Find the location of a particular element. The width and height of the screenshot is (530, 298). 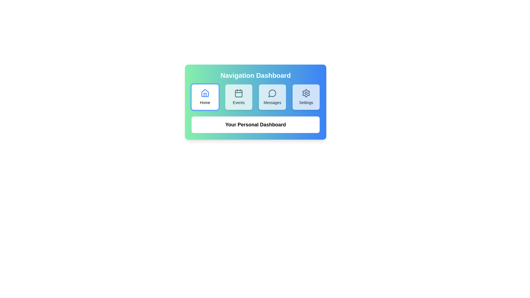

the 'Home' icon located in the first button of the navigation dashboard, positioned to the far left is located at coordinates (205, 92).